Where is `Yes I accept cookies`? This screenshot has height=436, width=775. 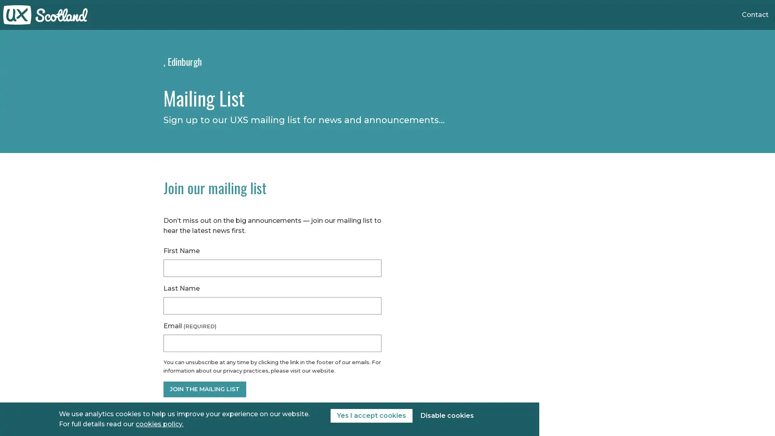
Yes I accept cookies is located at coordinates (371, 415).